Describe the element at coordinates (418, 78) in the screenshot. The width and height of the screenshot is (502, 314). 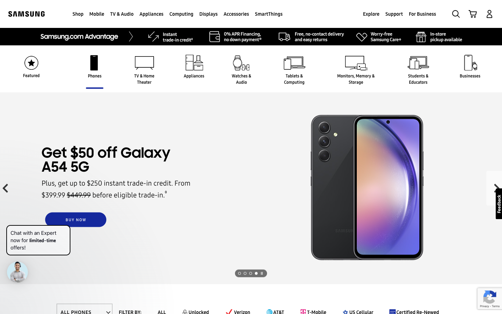
I see `the section displaying goods for Students and Educators` at that location.